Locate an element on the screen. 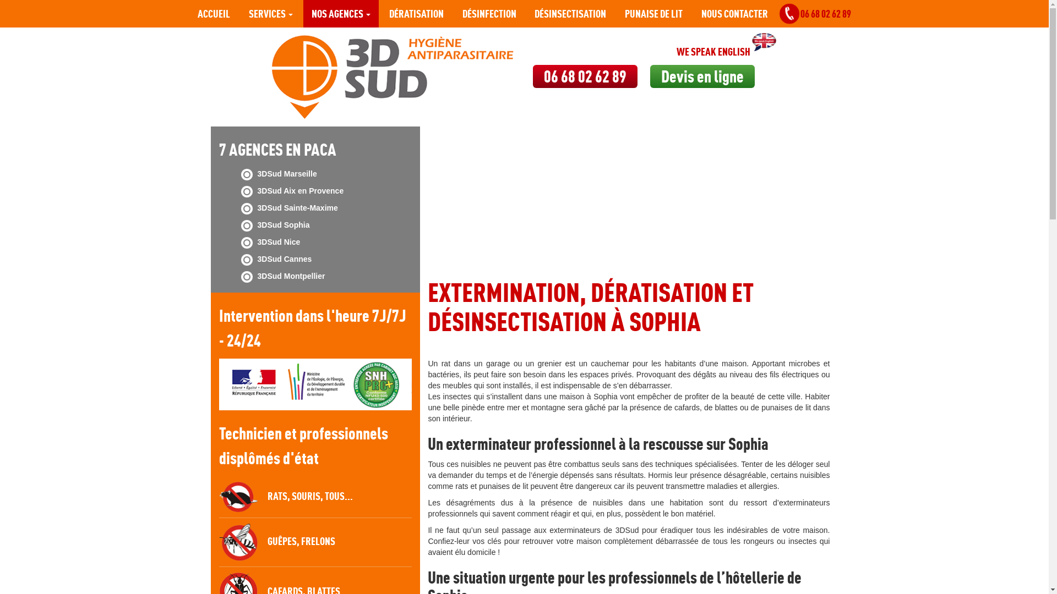  'NOUS CONTACTER' is located at coordinates (734, 13).